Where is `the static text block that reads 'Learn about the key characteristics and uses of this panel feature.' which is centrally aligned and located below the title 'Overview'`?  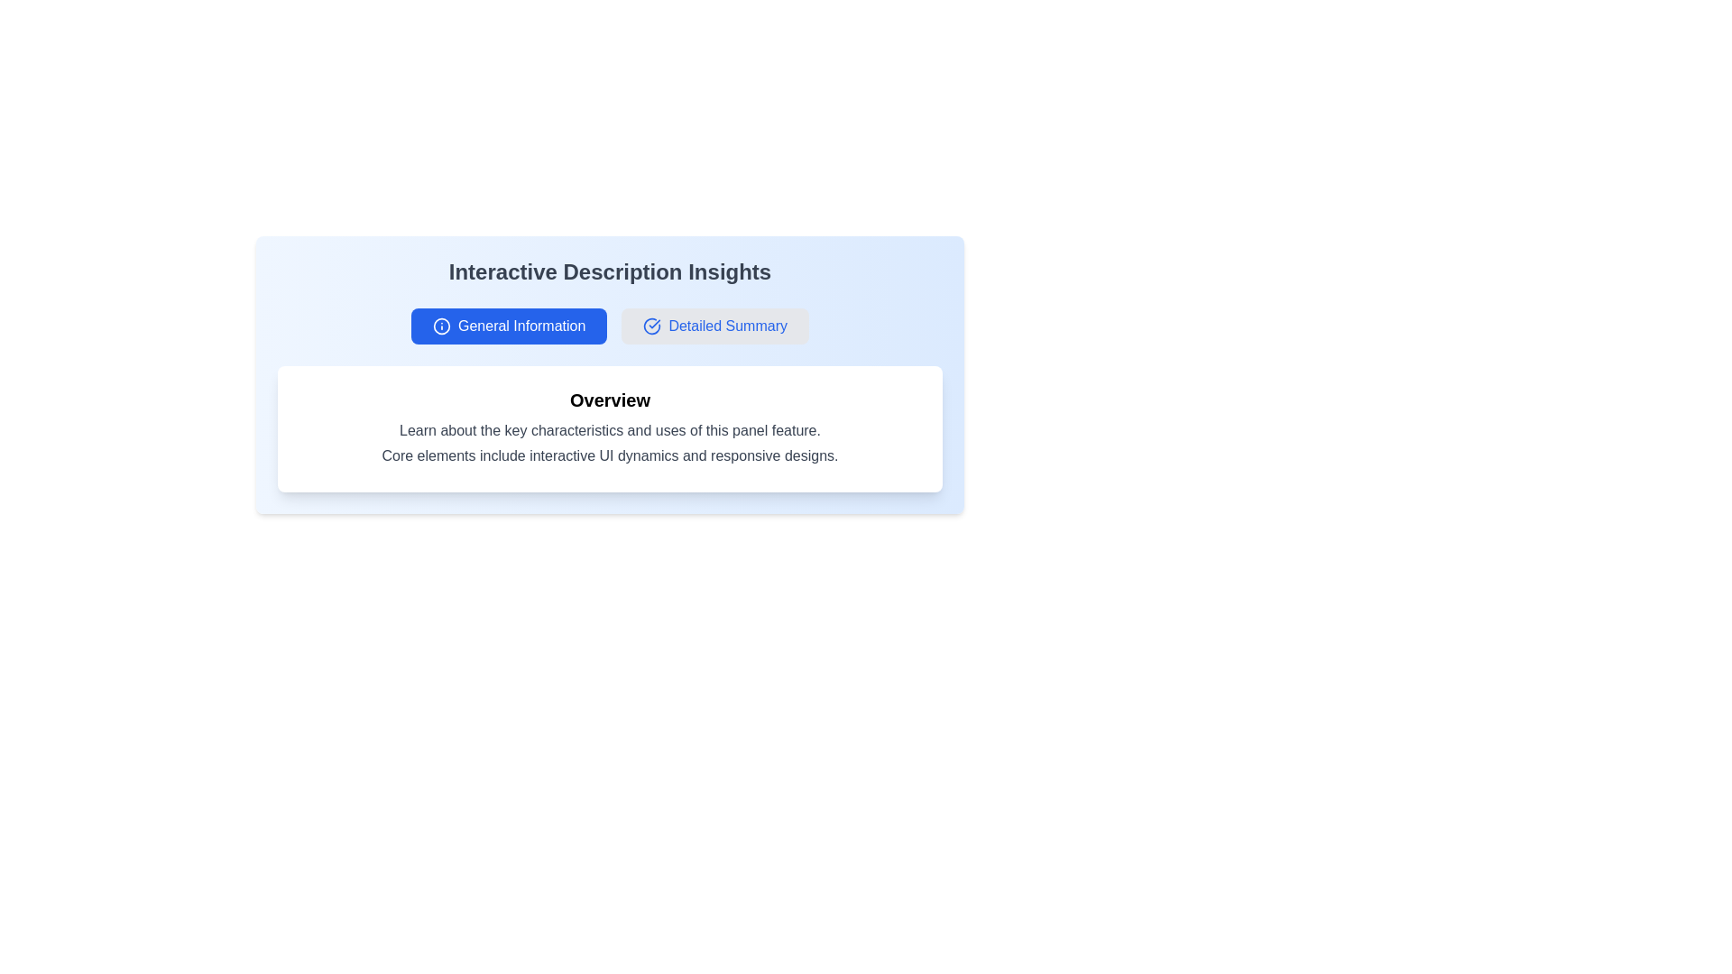
the static text block that reads 'Learn about the key characteristics and uses of this panel feature.' which is centrally aligned and located below the title 'Overview' is located at coordinates (610, 431).